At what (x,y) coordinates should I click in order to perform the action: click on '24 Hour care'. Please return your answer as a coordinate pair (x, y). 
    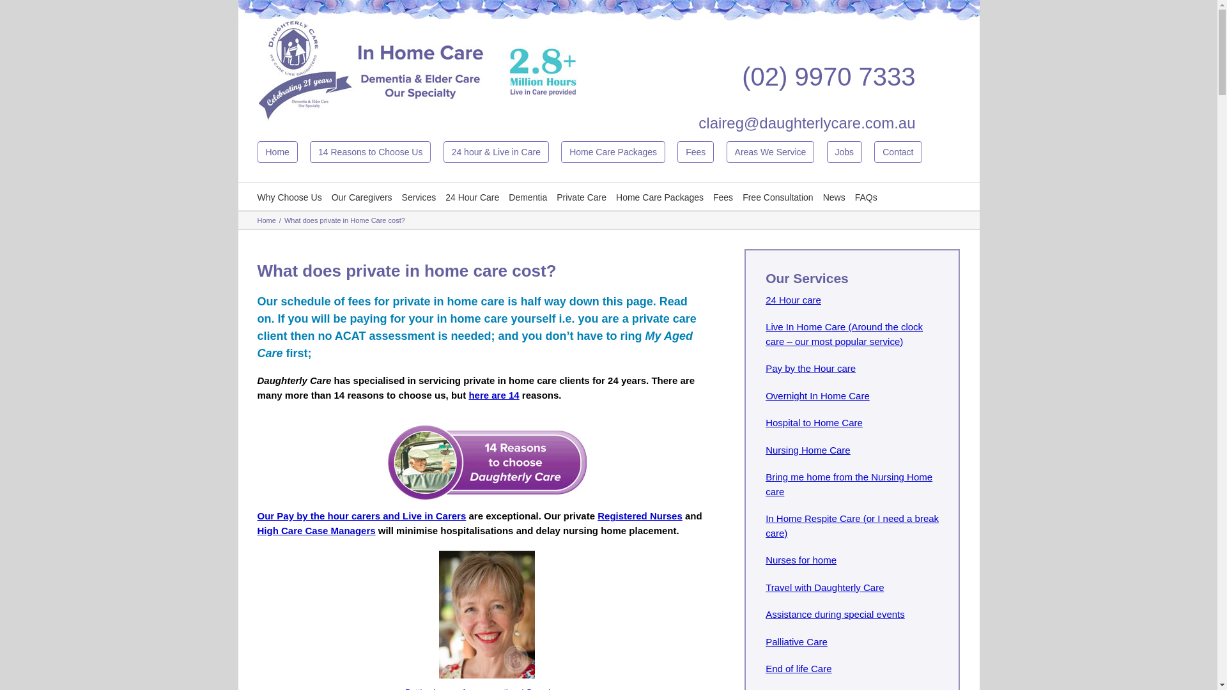
    Looking at the image, I should click on (792, 299).